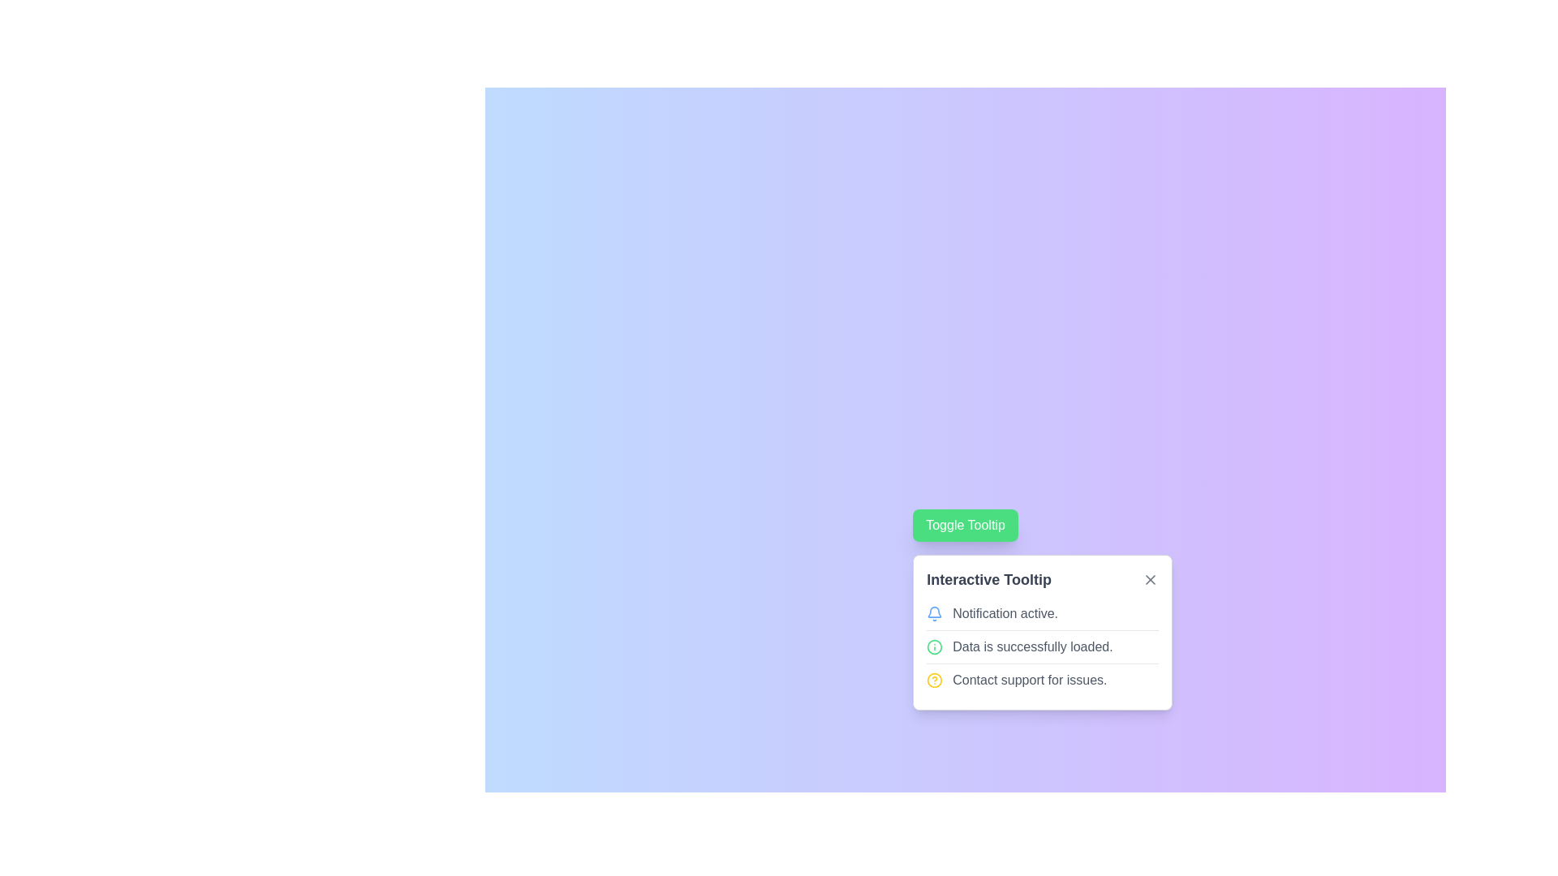  Describe the element at coordinates (1043, 680) in the screenshot. I see `the third item in the vertically stacked group of notifications within the tooltip to obtain more details or initiate contact for assistance` at that location.